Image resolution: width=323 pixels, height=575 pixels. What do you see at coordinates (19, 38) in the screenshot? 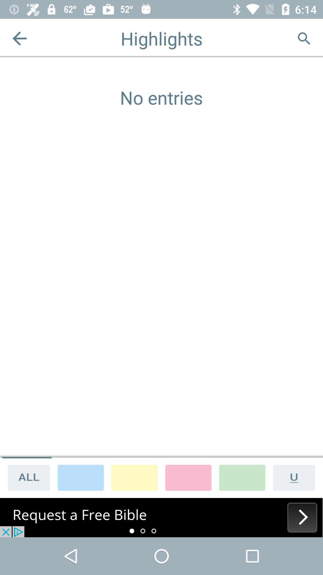
I see `the arrow_backward icon` at bounding box center [19, 38].